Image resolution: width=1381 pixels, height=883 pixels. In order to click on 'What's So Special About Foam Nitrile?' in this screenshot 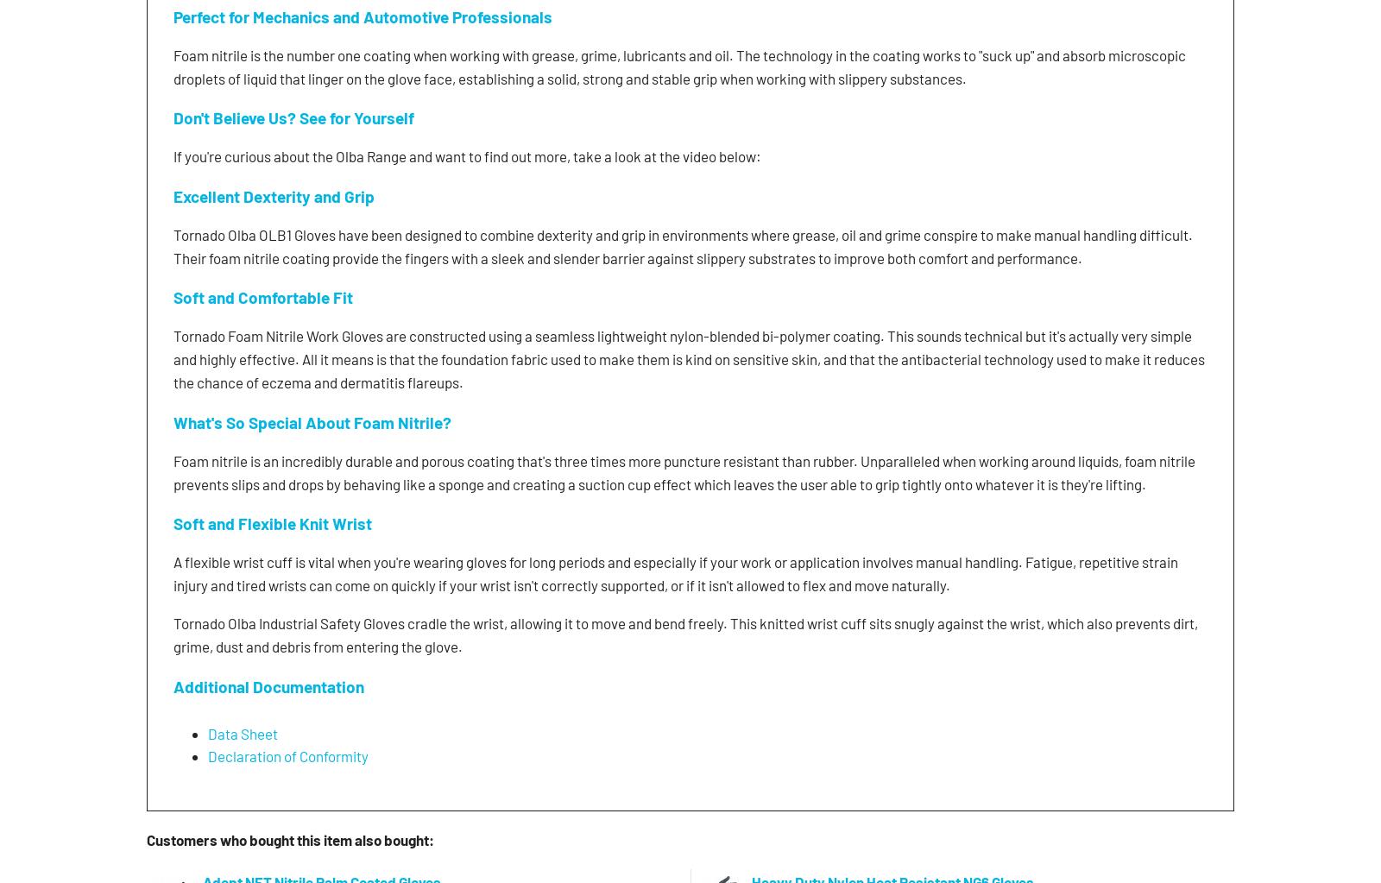, I will do `click(312, 421)`.